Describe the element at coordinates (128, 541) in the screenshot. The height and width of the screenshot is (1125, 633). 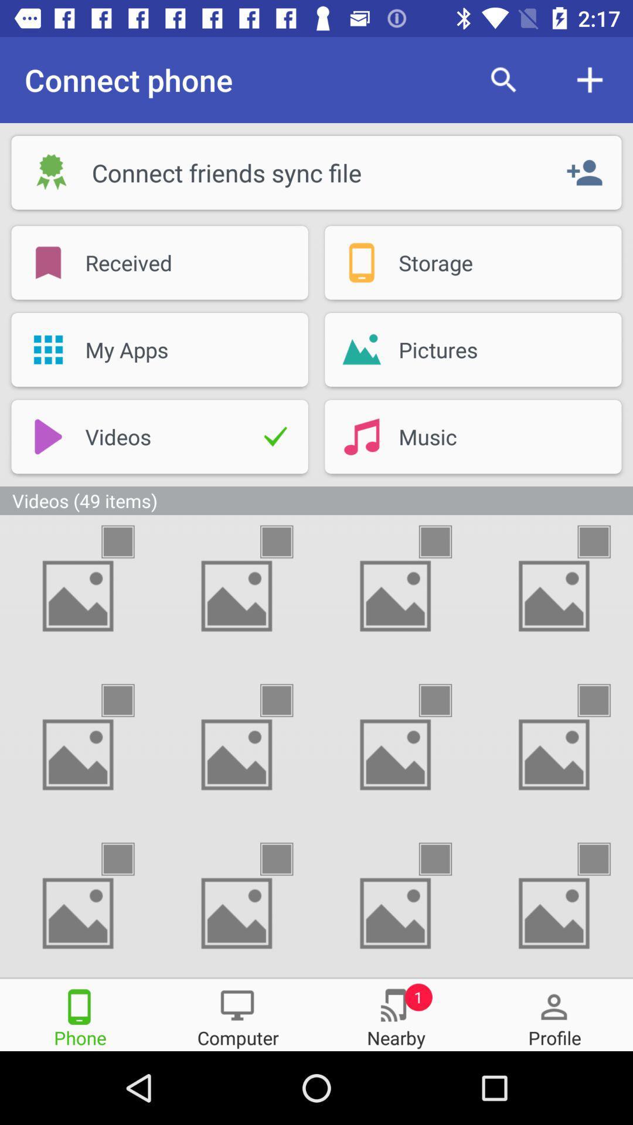
I see `the option` at that location.